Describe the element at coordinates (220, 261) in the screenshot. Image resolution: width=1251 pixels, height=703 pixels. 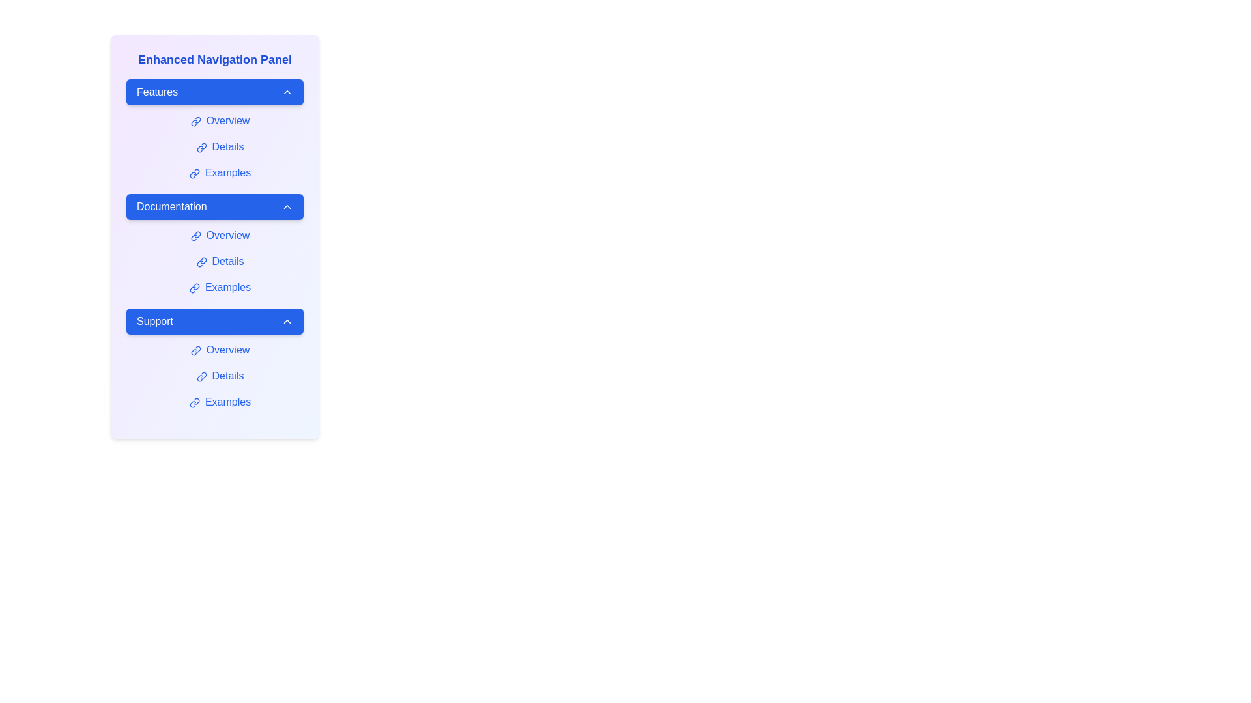
I see `the 'Details' hyperlink in the vertical navigation menu located in the 'Documentation' section of the Enhanced Navigation Panel` at that location.